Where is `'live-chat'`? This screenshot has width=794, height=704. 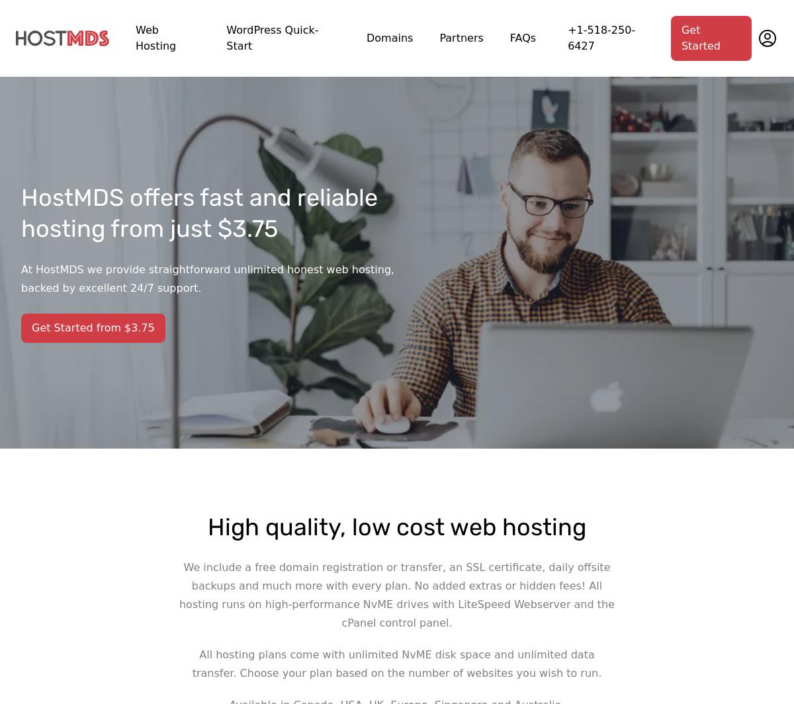 'live-chat' is located at coordinates (504, 693).